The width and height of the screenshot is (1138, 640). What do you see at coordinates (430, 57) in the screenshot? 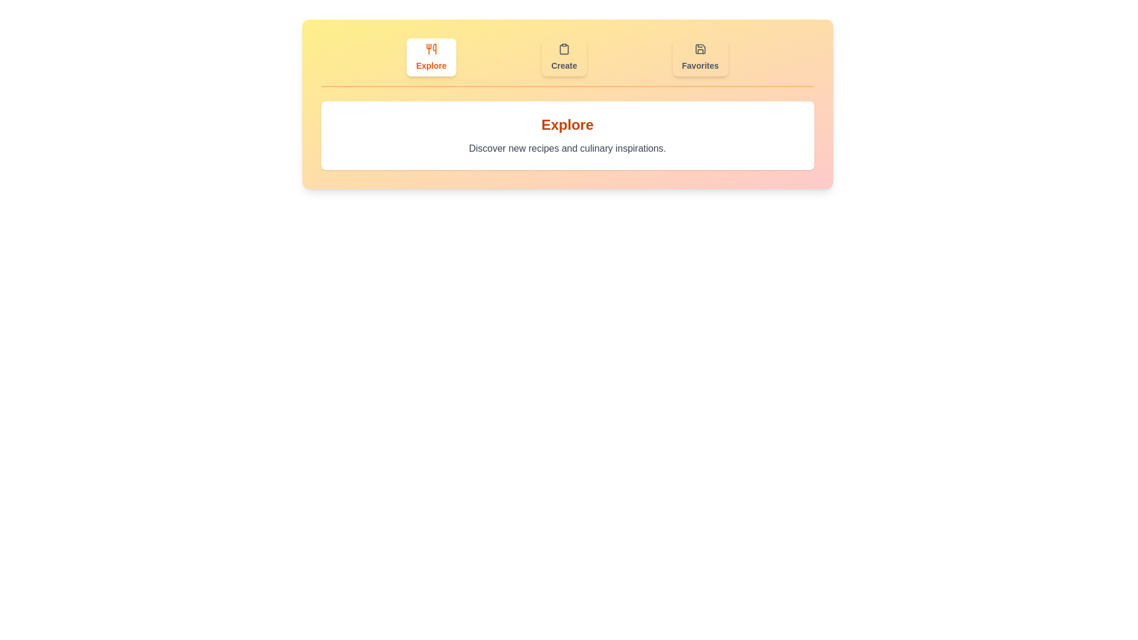
I see `the Explore tab by clicking on its button` at bounding box center [430, 57].